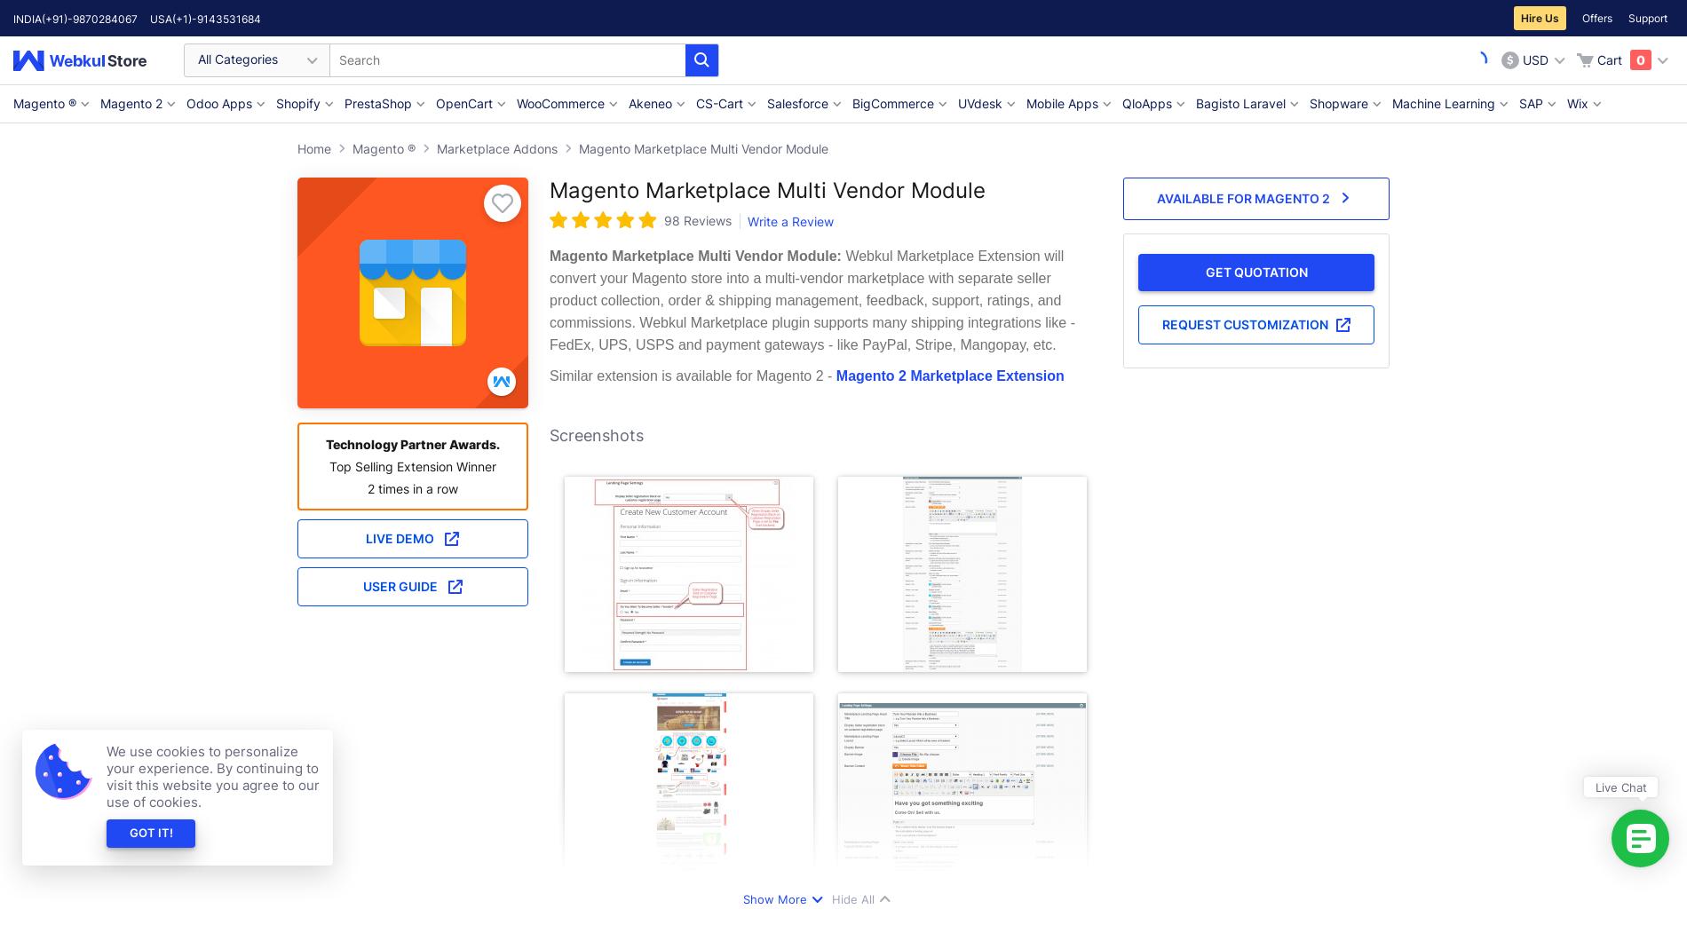  What do you see at coordinates (1026, 103) in the screenshot?
I see `'Mobile Apps'` at bounding box center [1026, 103].